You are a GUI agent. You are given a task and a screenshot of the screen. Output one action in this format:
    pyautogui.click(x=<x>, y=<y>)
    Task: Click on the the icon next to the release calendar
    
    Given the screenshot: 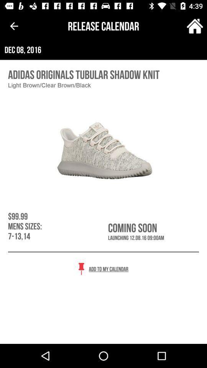 What is the action you would take?
    pyautogui.click(x=14, y=26)
    